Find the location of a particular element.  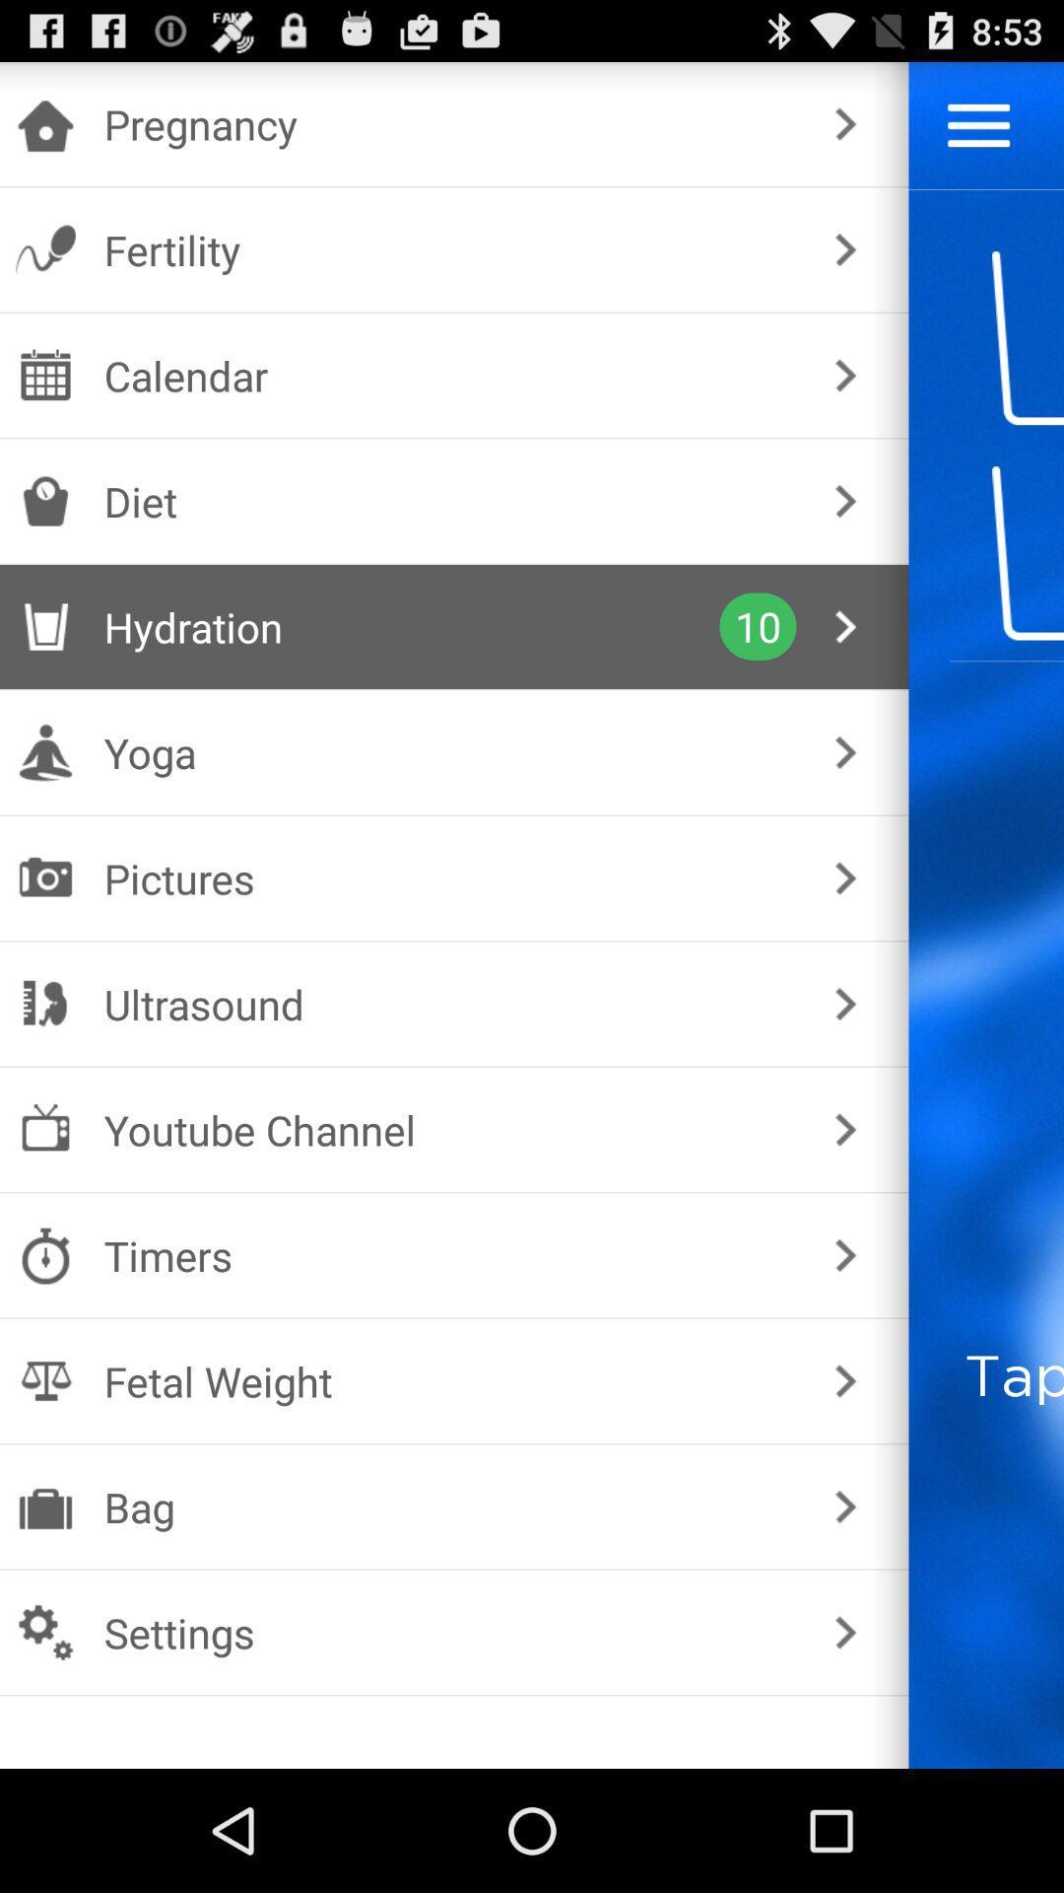

the menu icon is located at coordinates (978, 133).